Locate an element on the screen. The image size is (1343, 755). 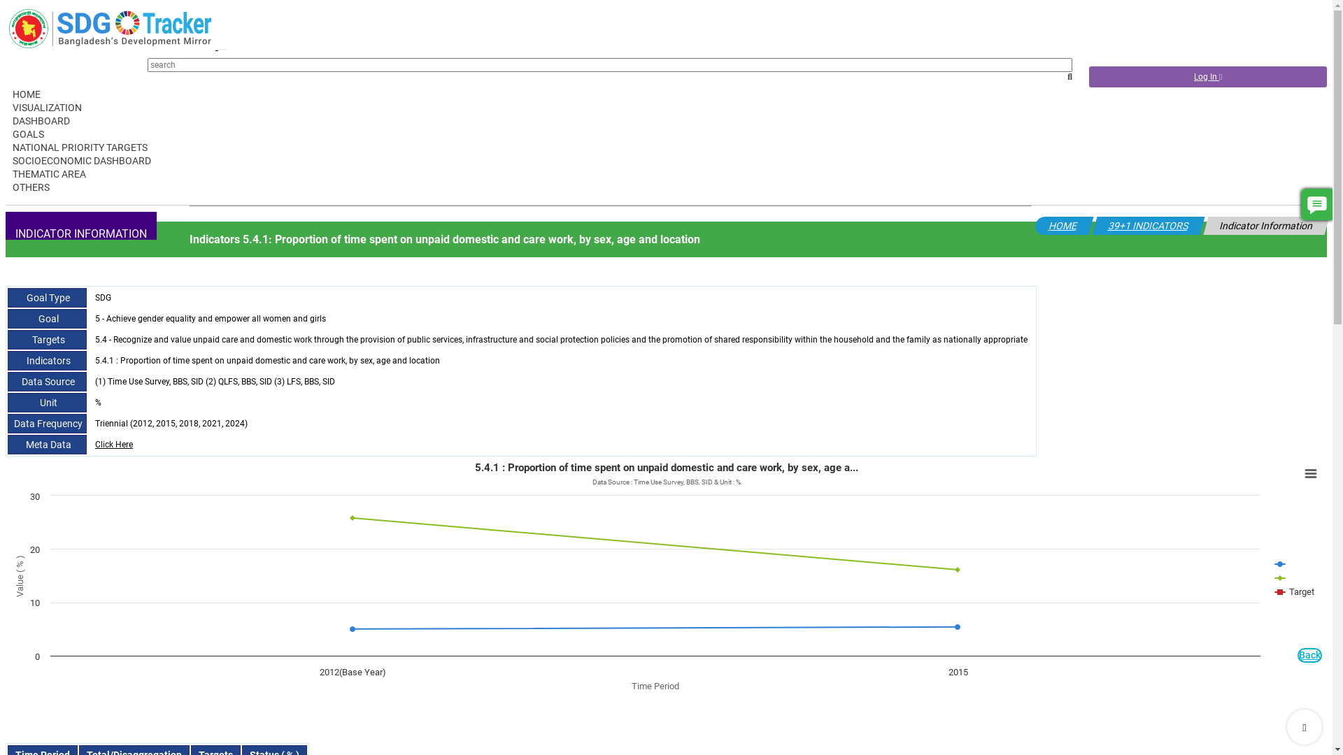
'Log In' is located at coordinates (1207, 77).